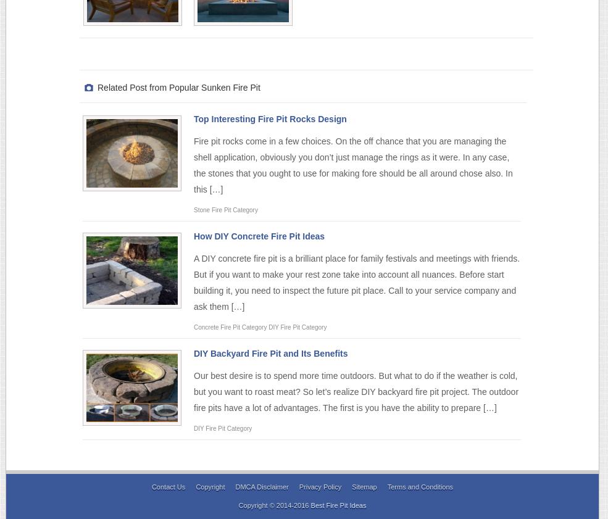  What do you see at coordinates (419, 486) in the screenshot?
I see `'Terms and Conditions'` at bounding box center [419, 486].